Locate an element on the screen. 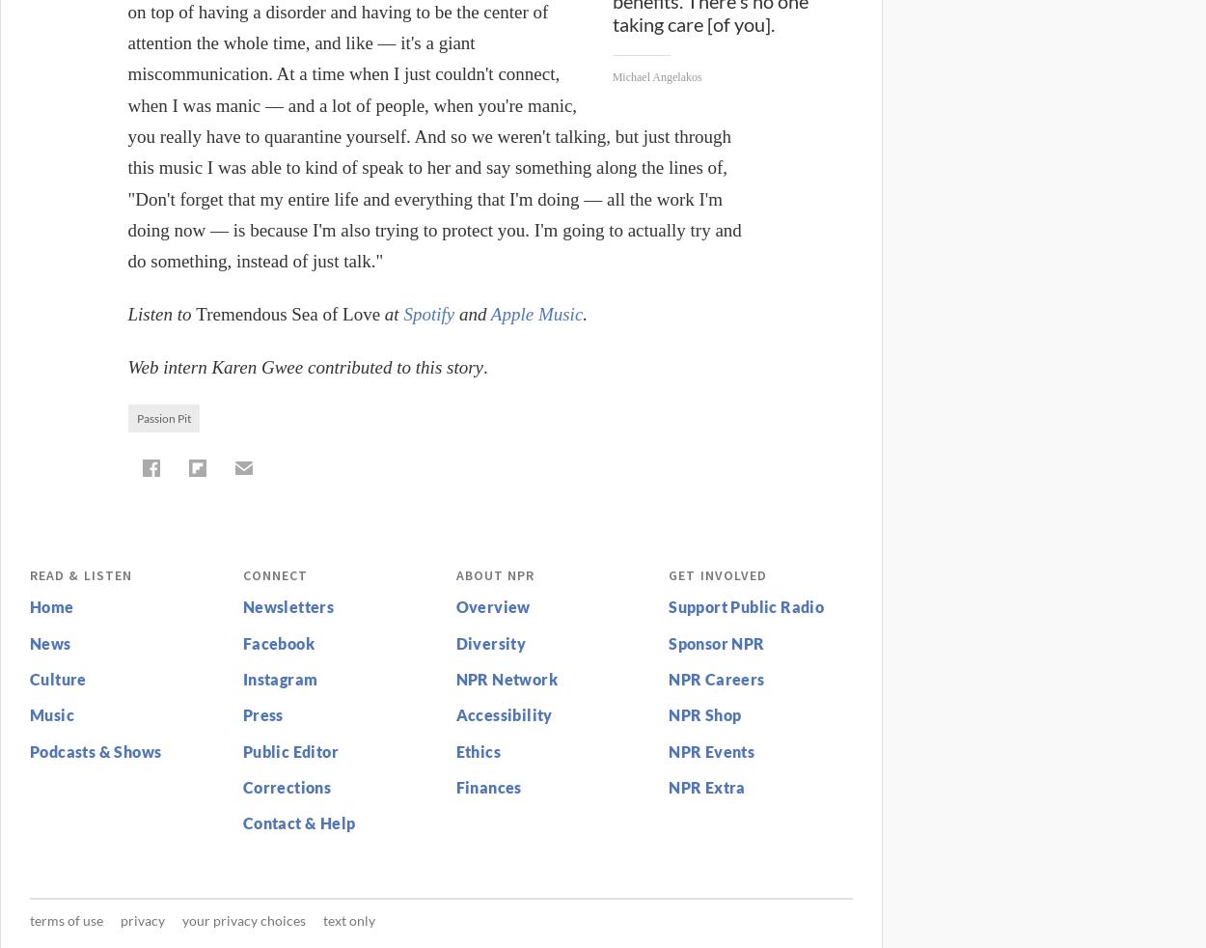 This screenshot has width=1206, height=948. 'Home' is located at coordinates (51, 605).